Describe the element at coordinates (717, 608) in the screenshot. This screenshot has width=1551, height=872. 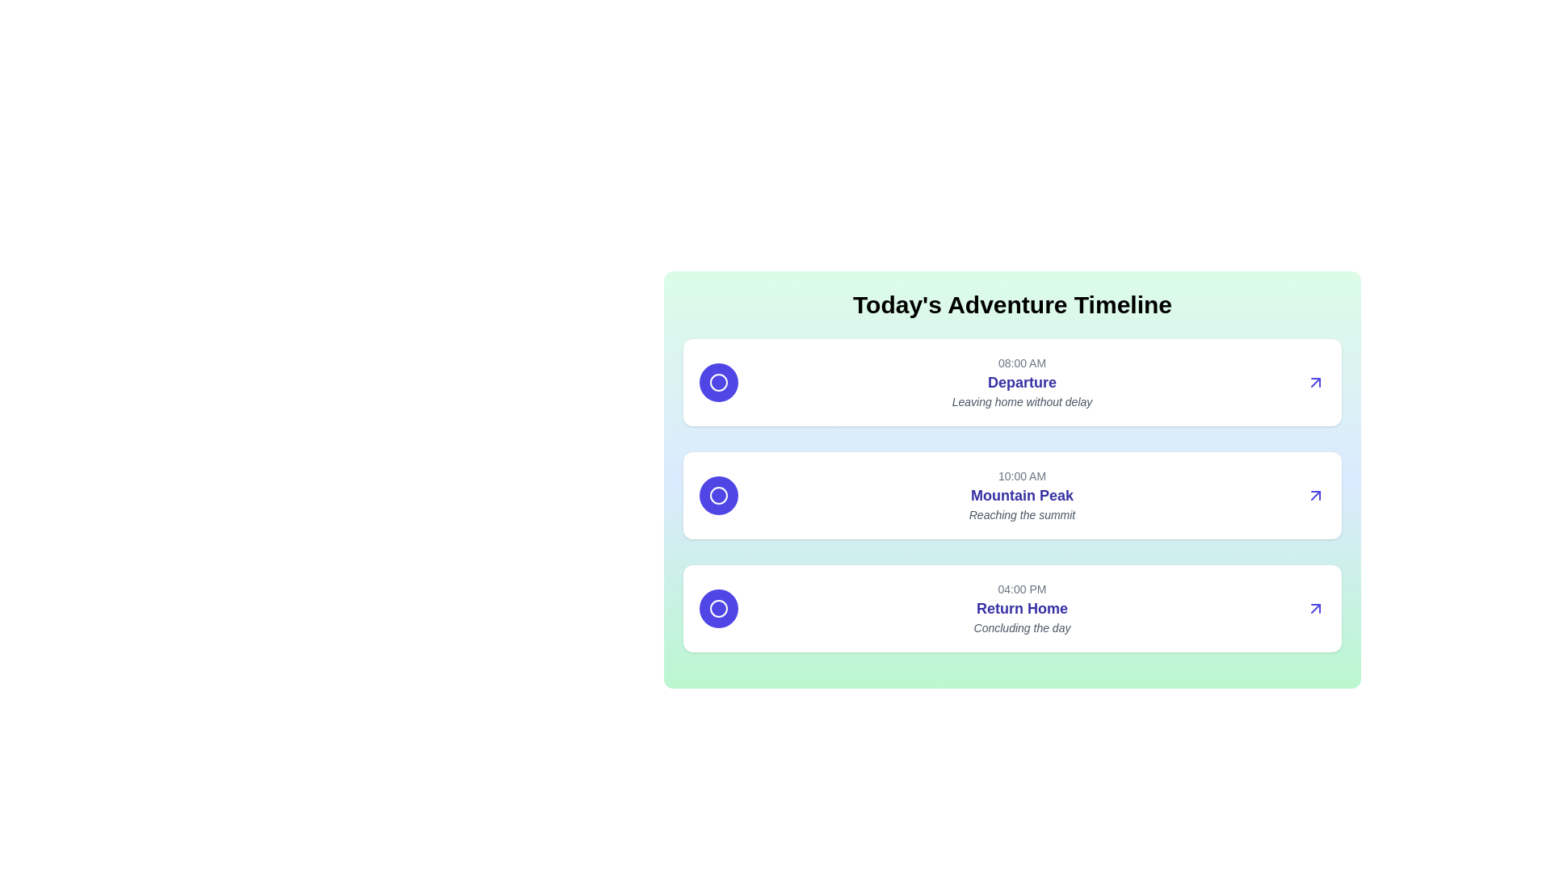
I see `the circular button-like icon with a solid purple background and white circular outline, located to the left of the '04:00 PM Return Home Concluding the day' entry in the timeline` at that location.